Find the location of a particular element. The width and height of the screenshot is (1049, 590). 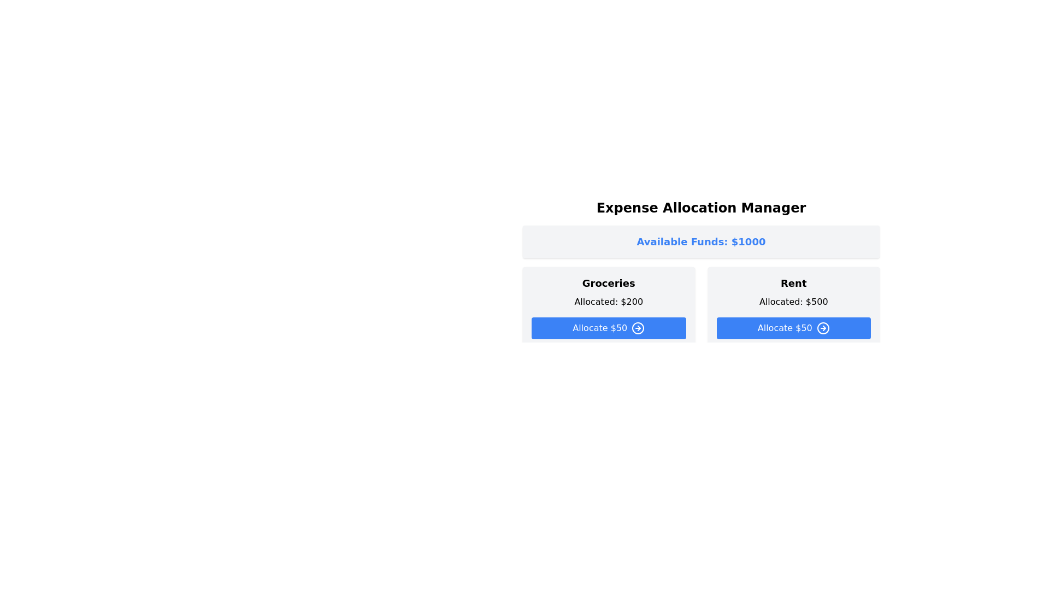

the informational text block displaying available funds for allocation, located below the 'Expense Allocation Manager' heading is located at coordinates (701, 241).